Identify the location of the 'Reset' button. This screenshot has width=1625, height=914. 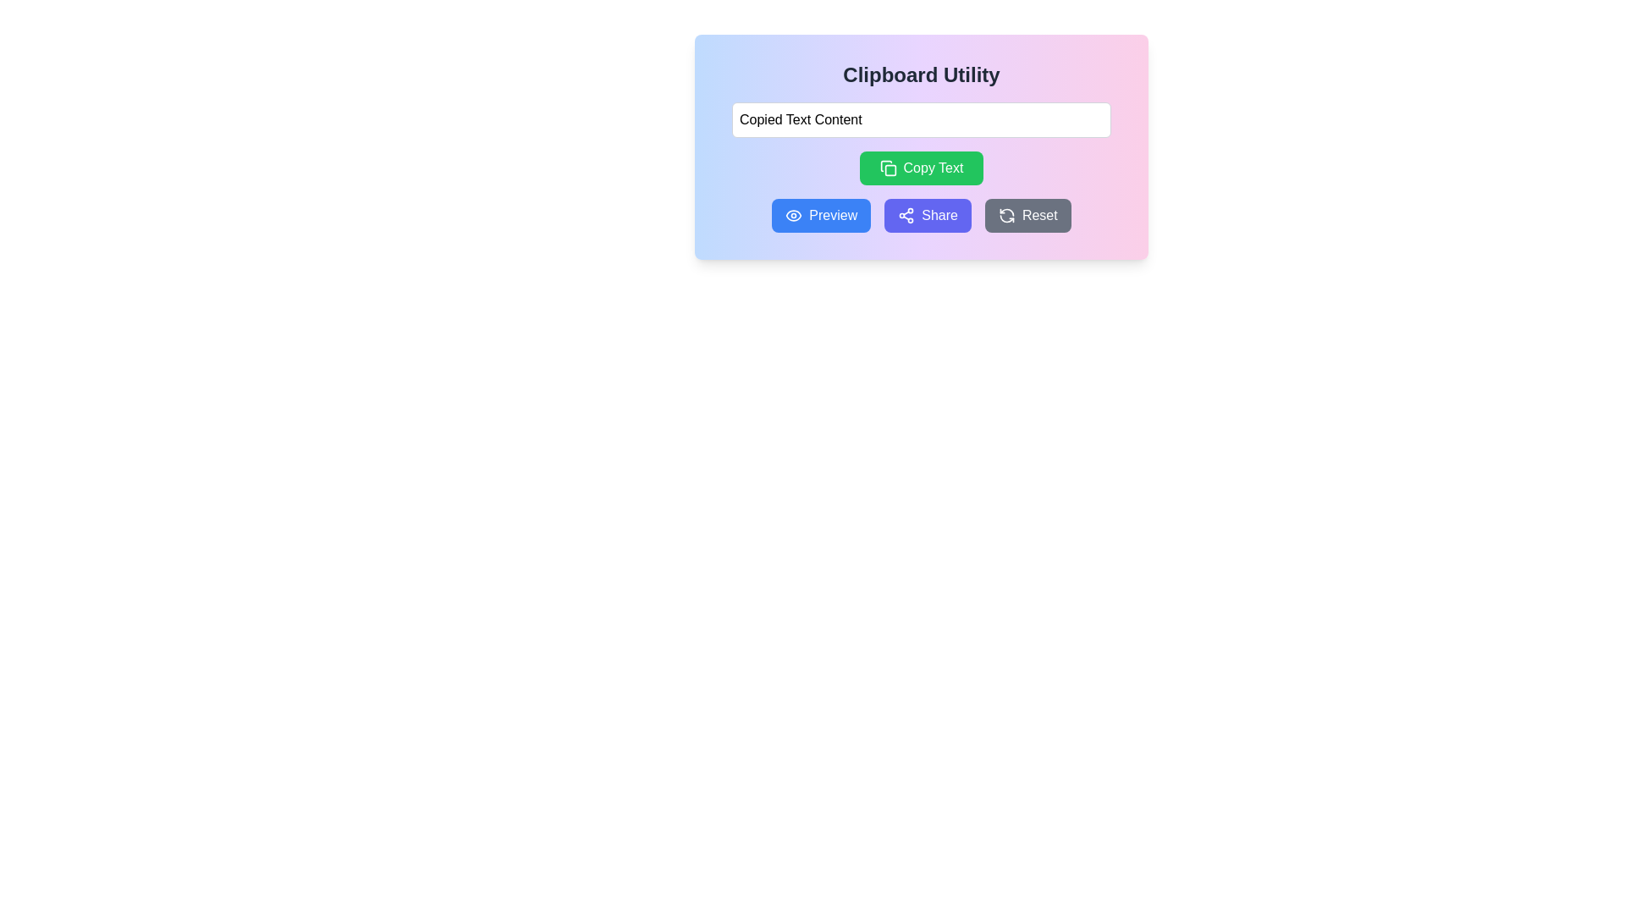
(1027, 214).